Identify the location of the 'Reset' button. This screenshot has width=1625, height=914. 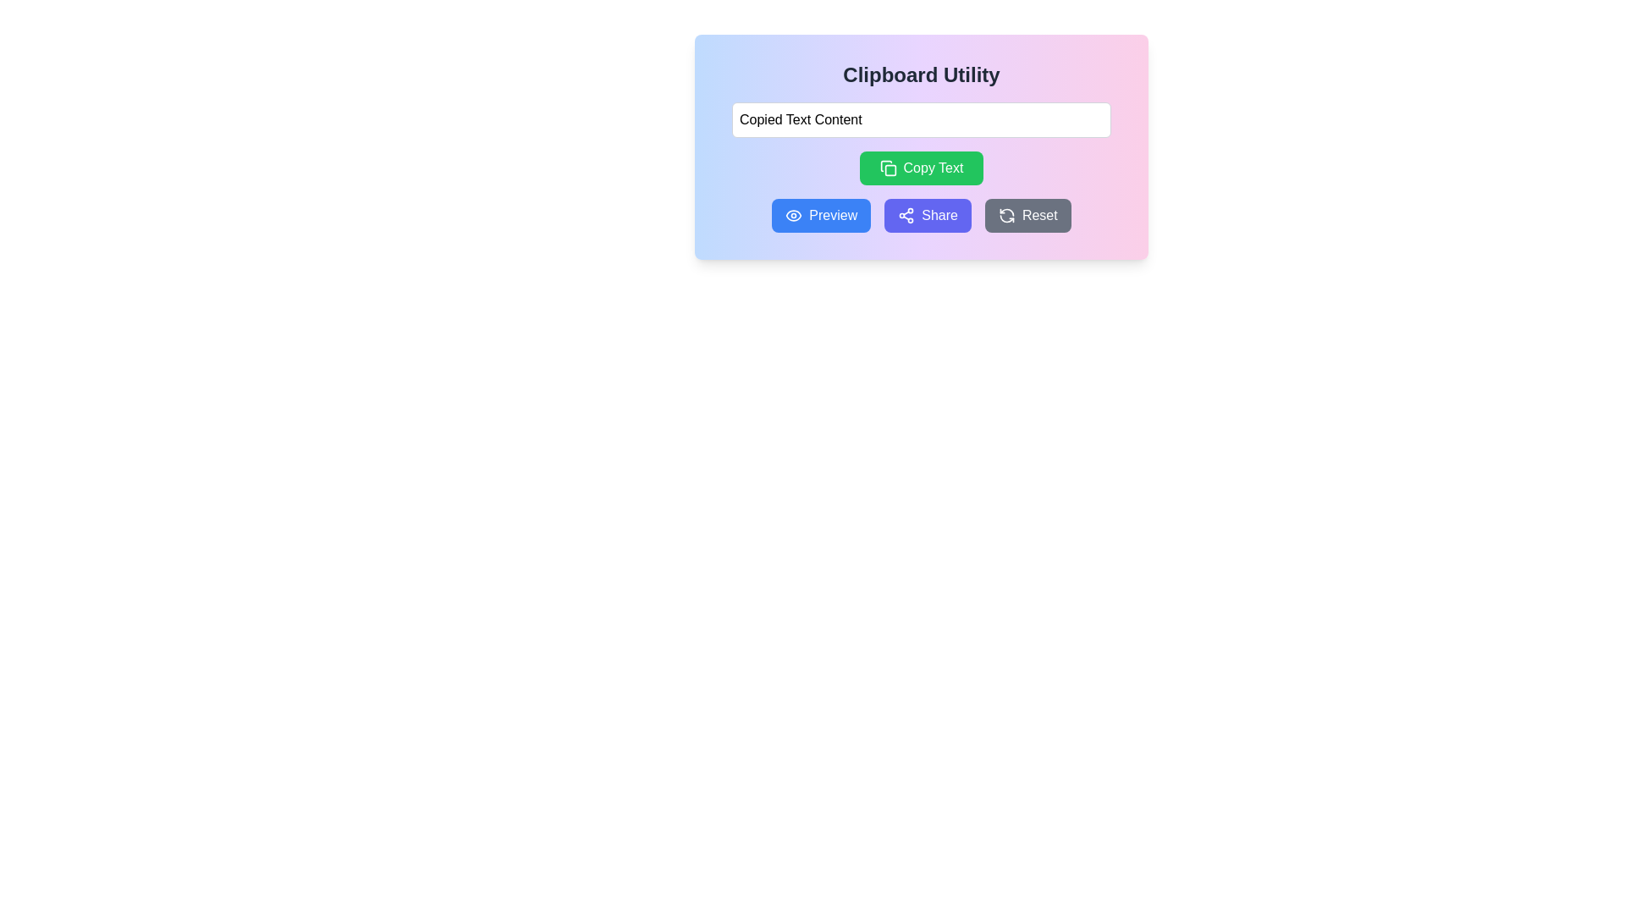
(1027, 214).